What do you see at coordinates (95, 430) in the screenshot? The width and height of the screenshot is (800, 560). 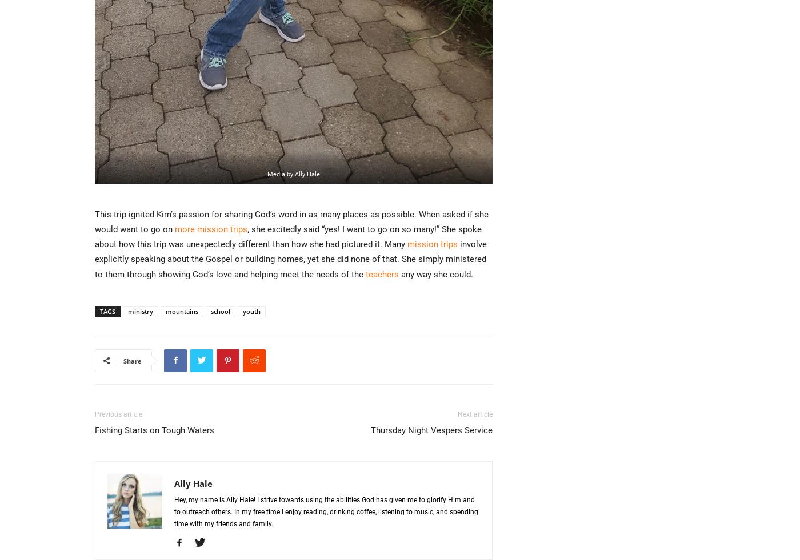 I see `'Fishing Starts on Tough Waters'` at bounding box center [95, 430].